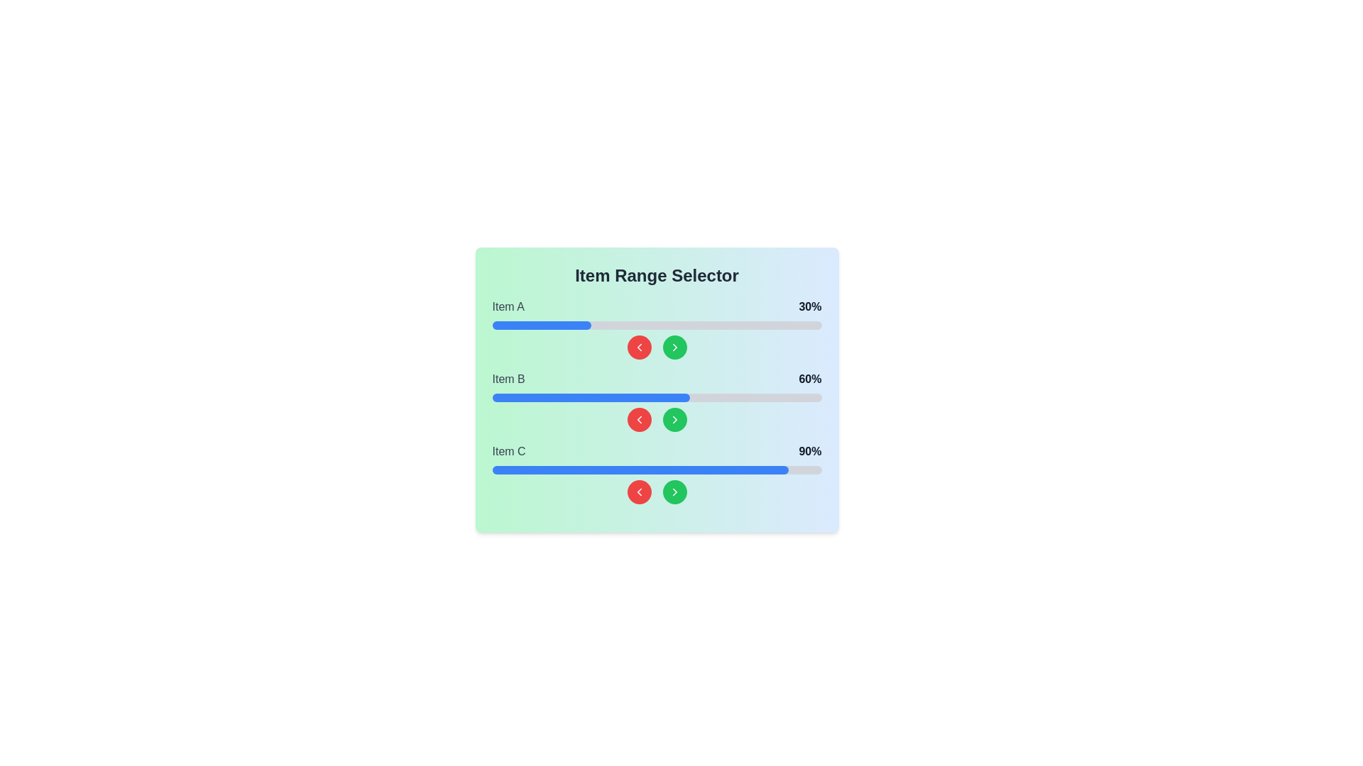 The image size is (1363, 766). Describe the element at coordinates (810, 306) in the screenshot. I see `the text label displaying '30%' which indicates a specific percentage value and is located next to the label 'Item A' and a progress bar` at that location.